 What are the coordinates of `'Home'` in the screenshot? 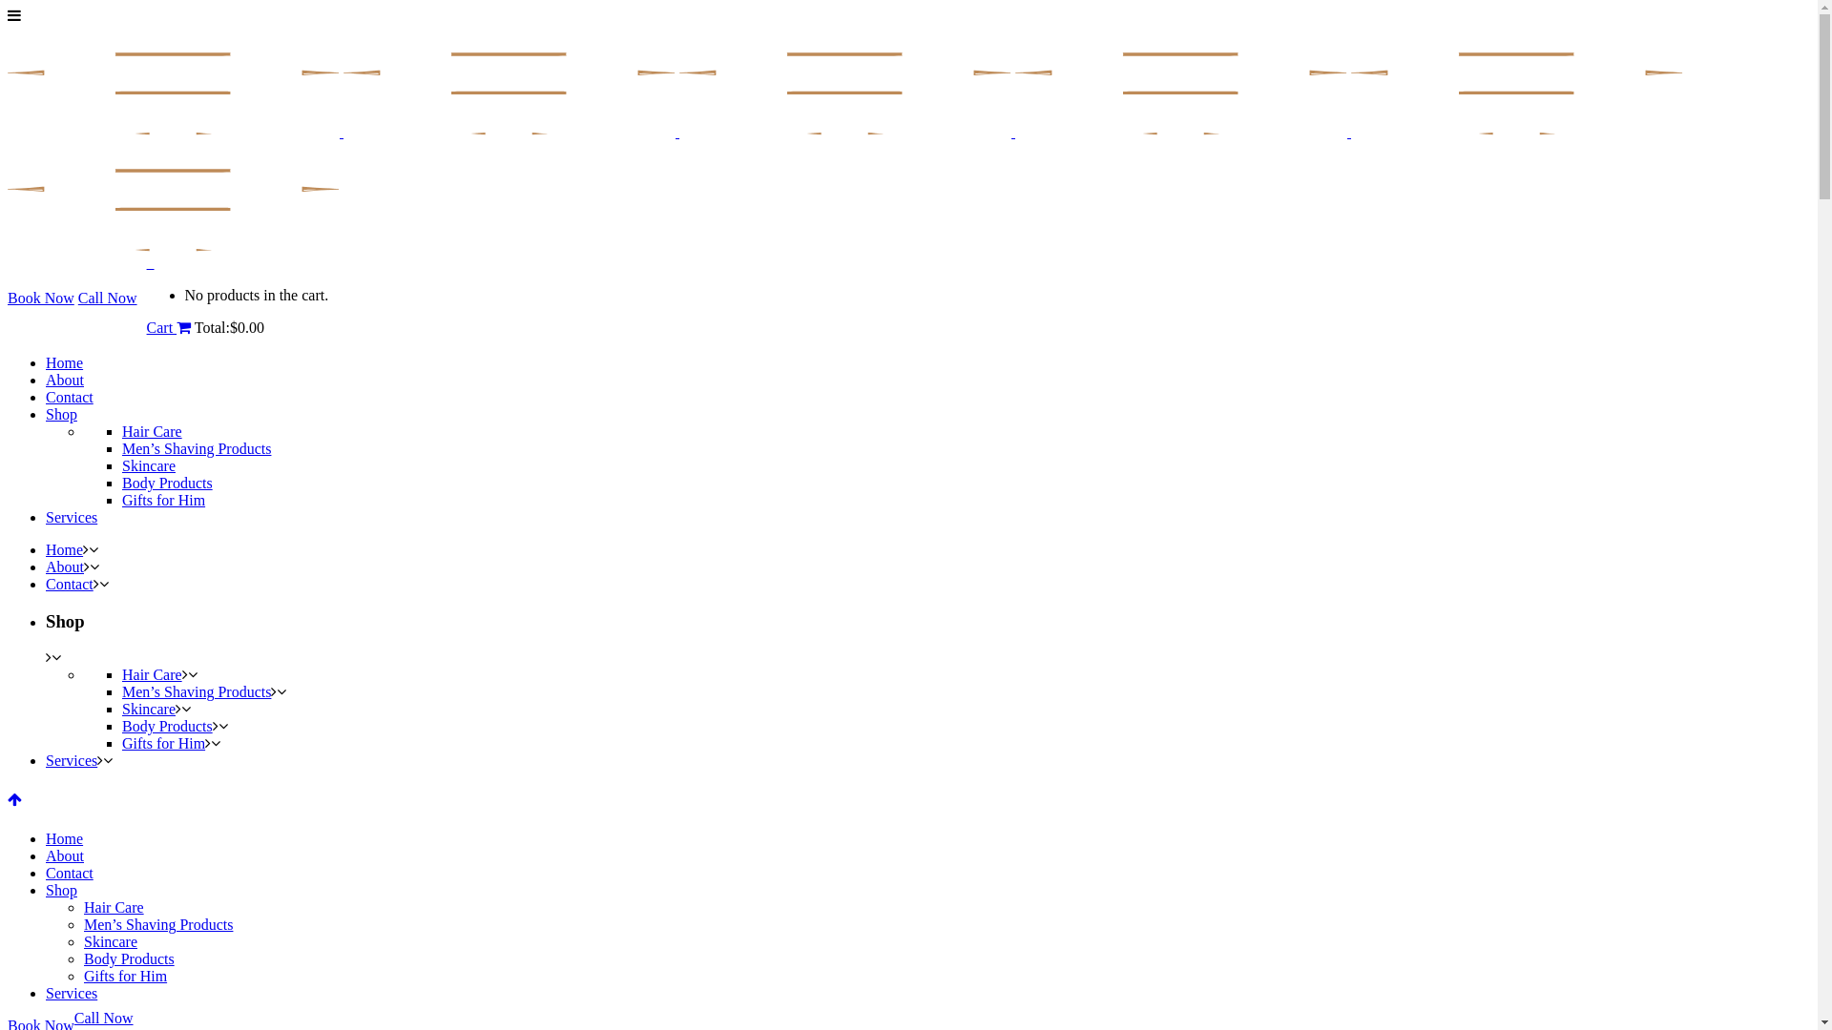 It's located at (64, 837).